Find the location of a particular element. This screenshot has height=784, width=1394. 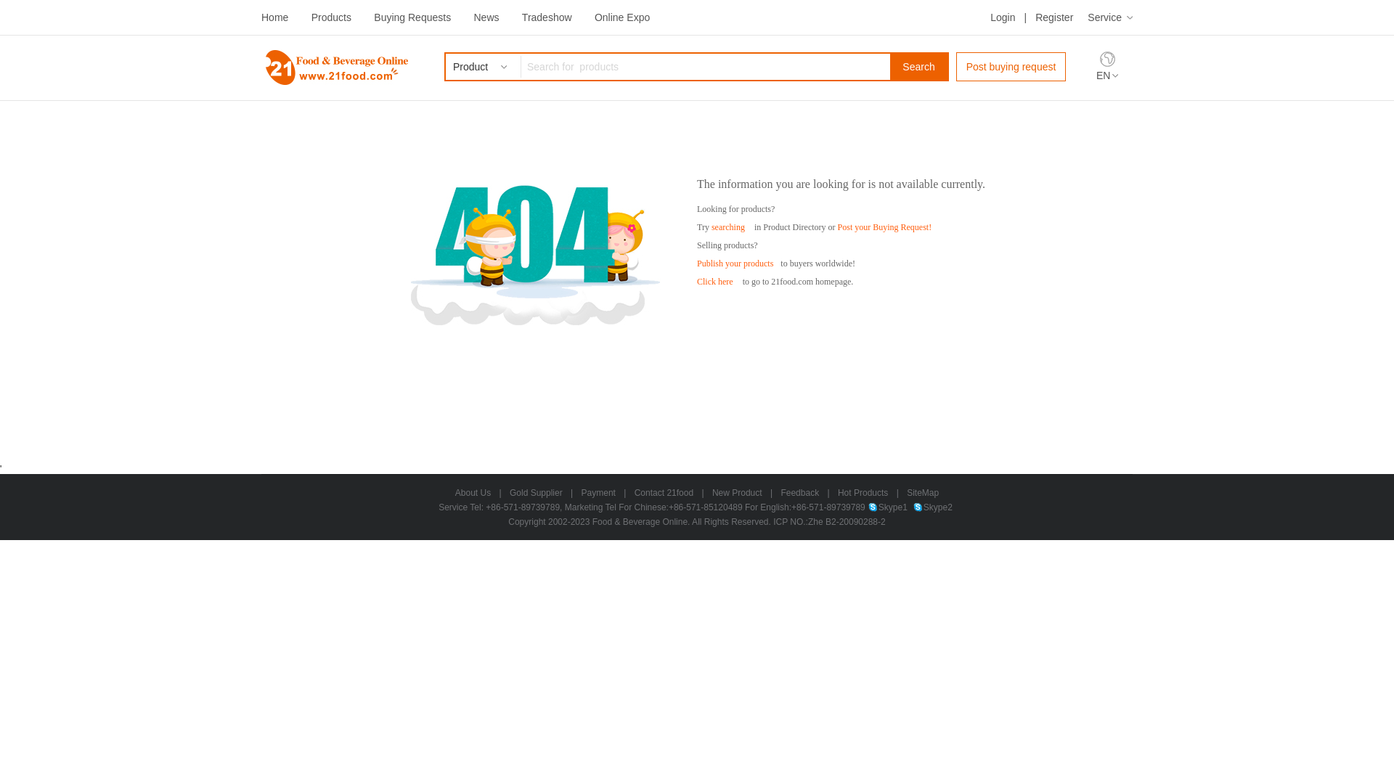

'Home' is located at coordinates (274, 17).